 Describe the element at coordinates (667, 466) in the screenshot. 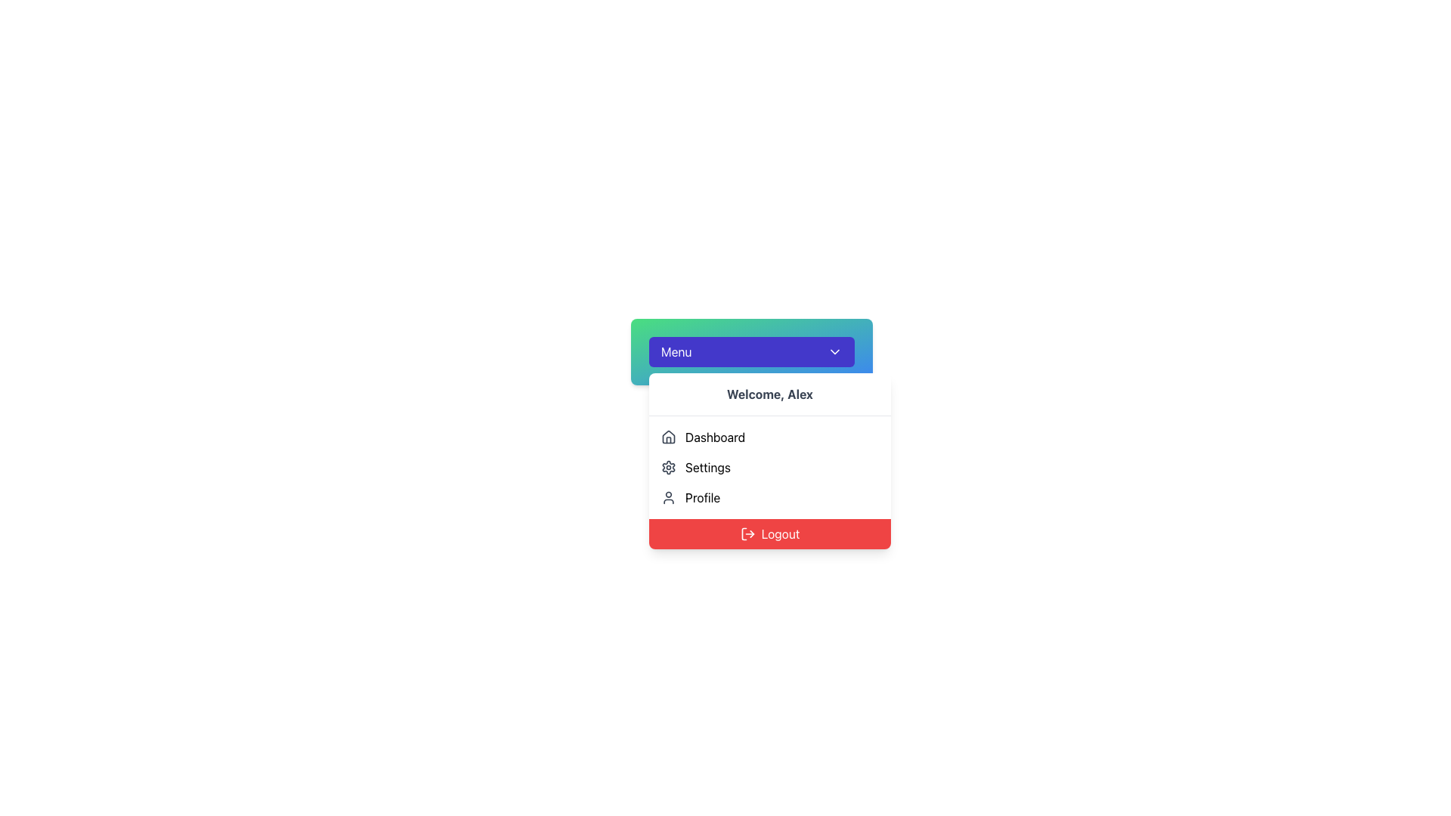

I see `the gear-shaped icon located to the left of the 'Settings' label` at that location.